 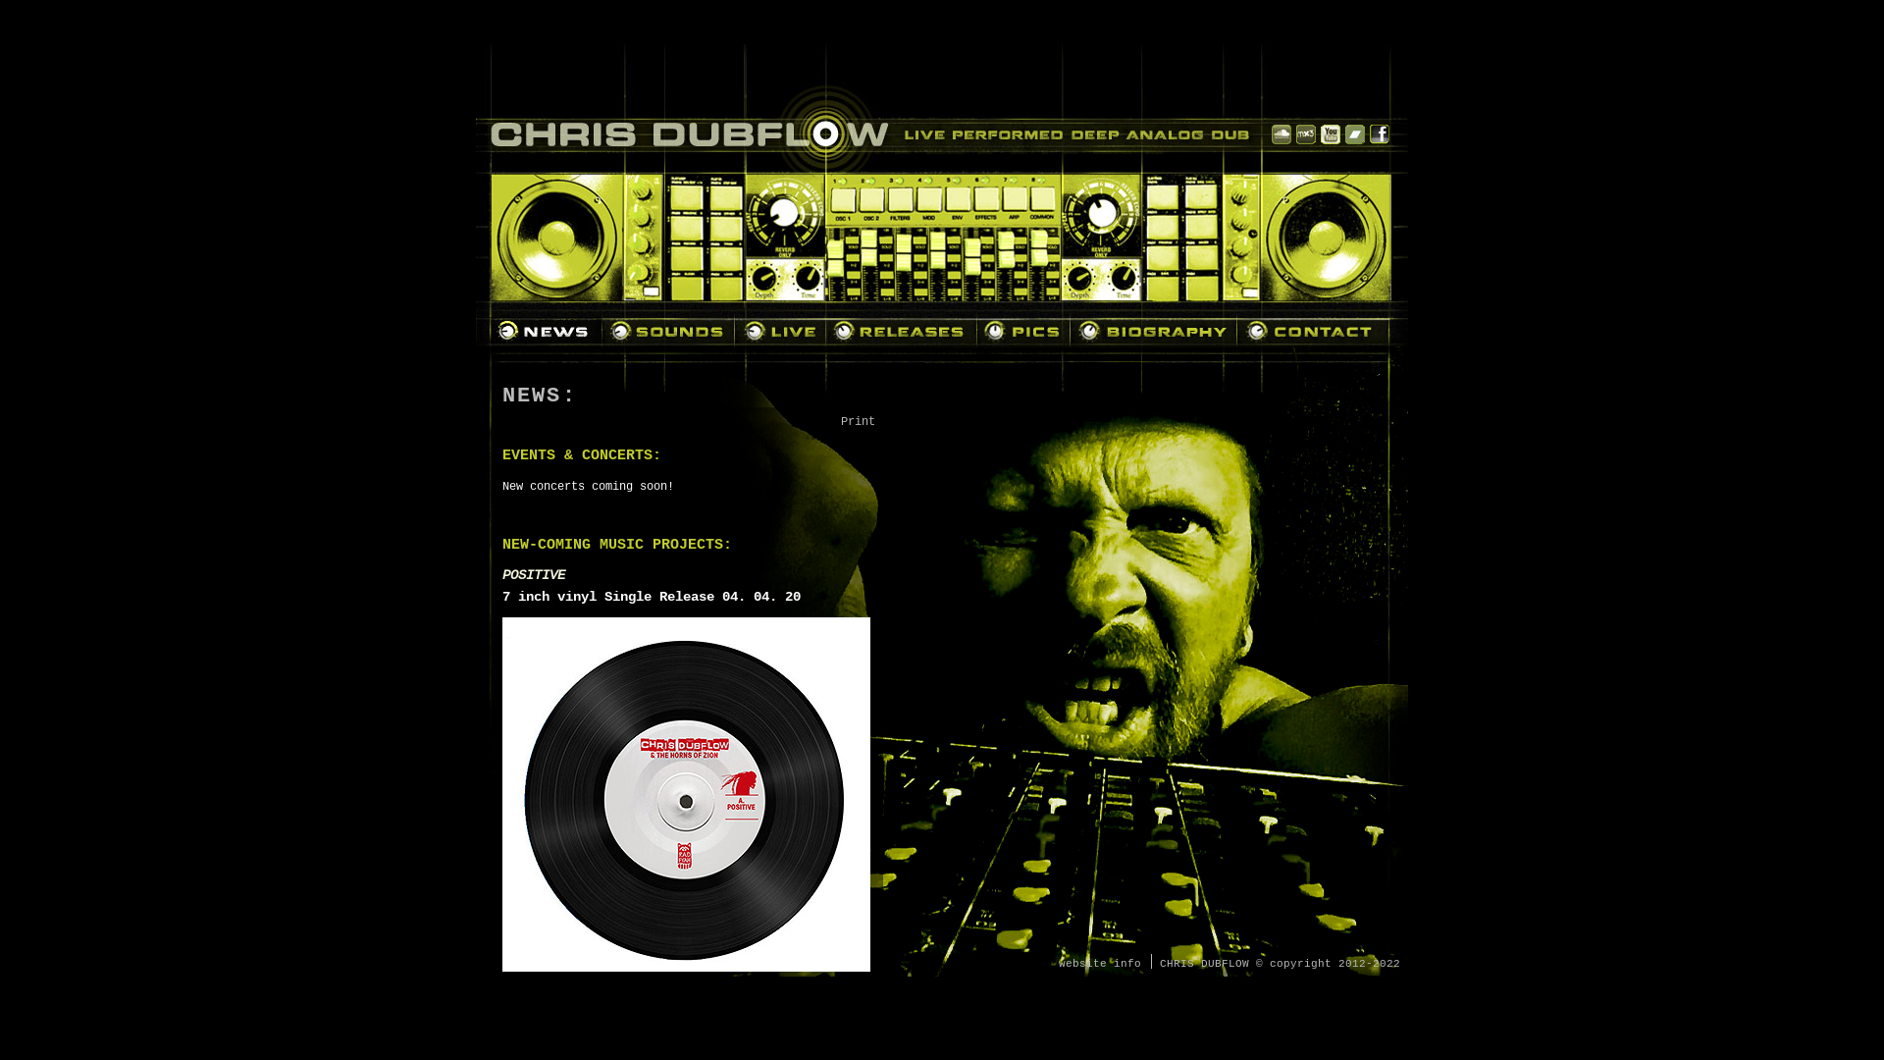 I want to click on 'LIVE', so click(x=779, y=331).